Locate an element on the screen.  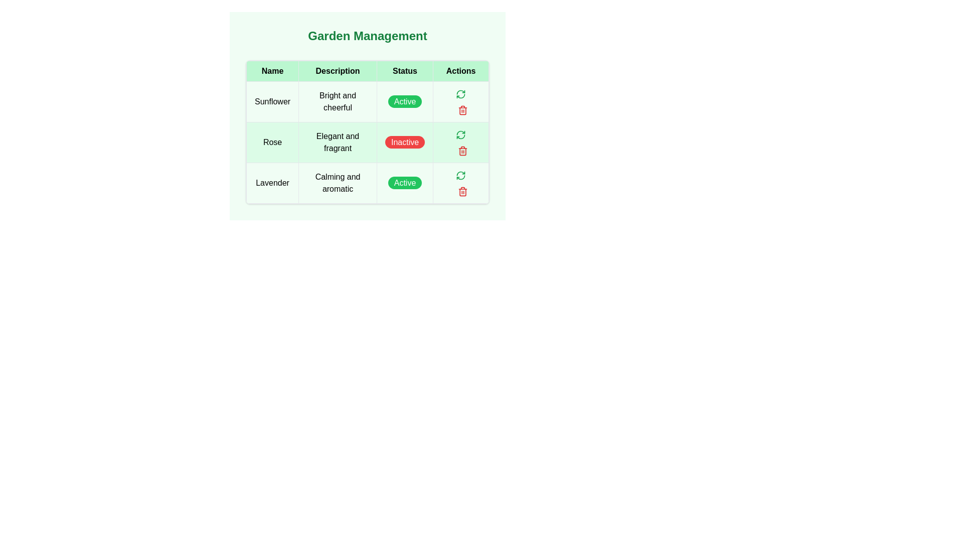
the rounded rectangular button with a red background and white text that reads 'Inactive' in the 'Status' column of the second row in the 'Garden Management' table is located at coordinates (405, 142).